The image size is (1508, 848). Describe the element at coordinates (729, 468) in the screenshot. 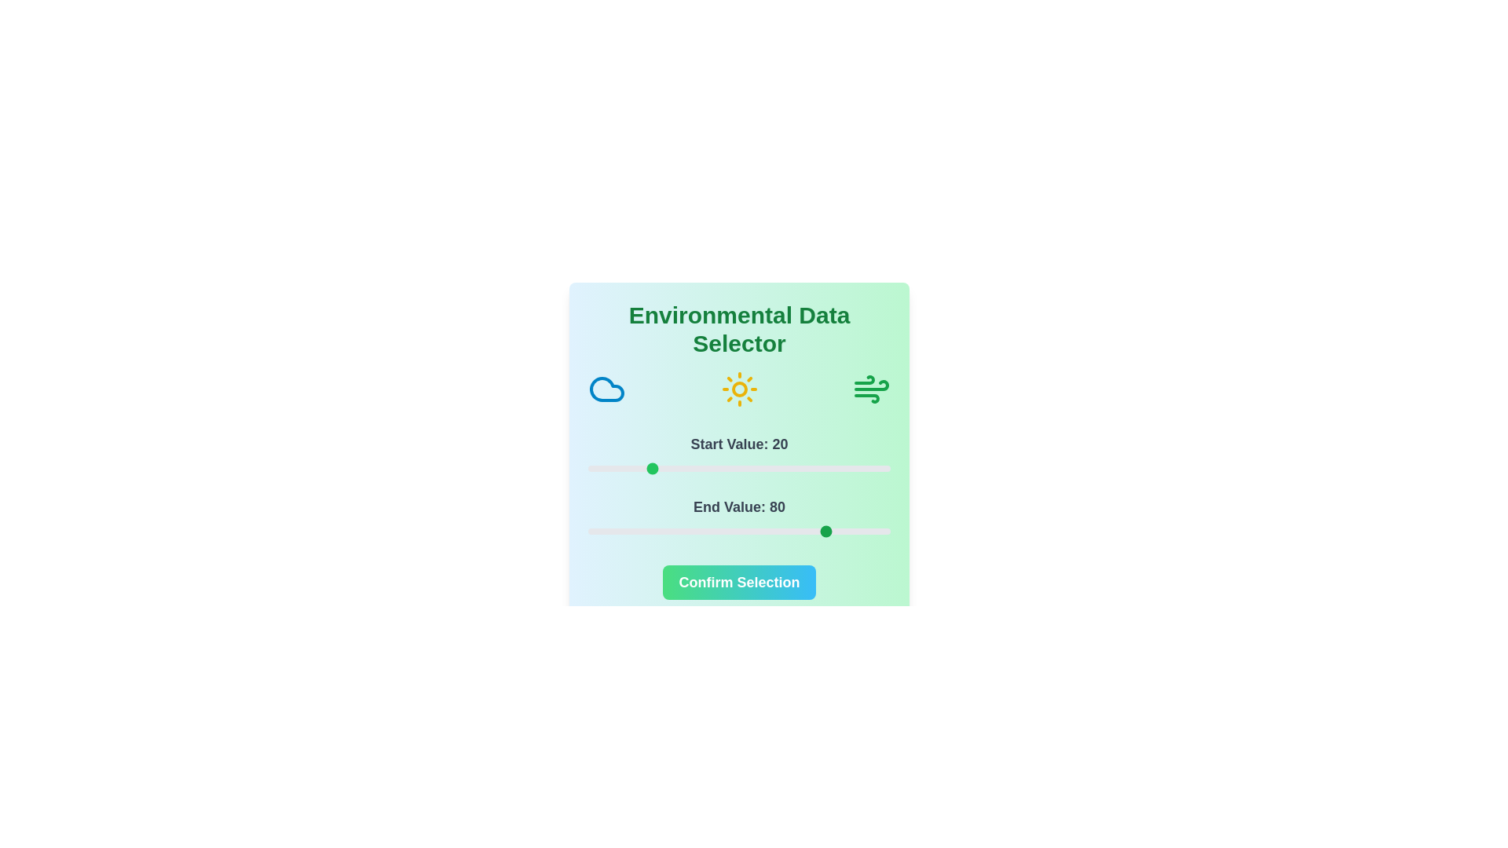

I see `the start value on the slider` at that location.